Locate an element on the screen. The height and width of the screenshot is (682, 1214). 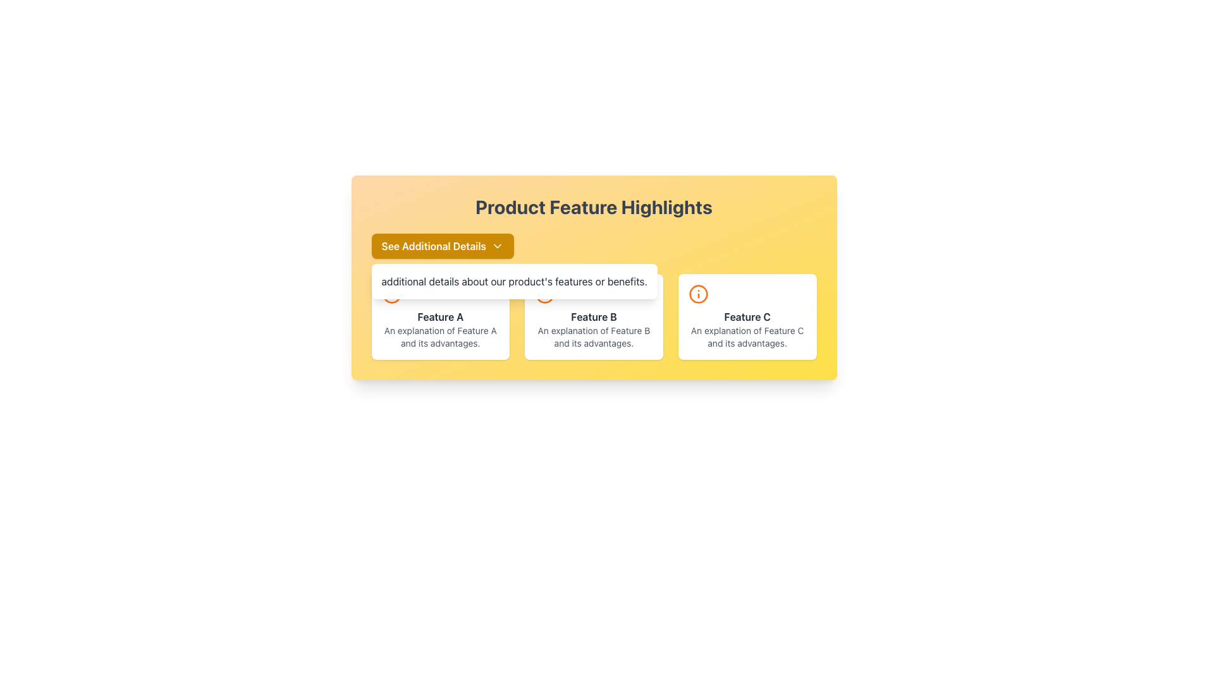
the circular orange outlined information icon located above the text 'Feature C' is located at coordinates (697, 294).